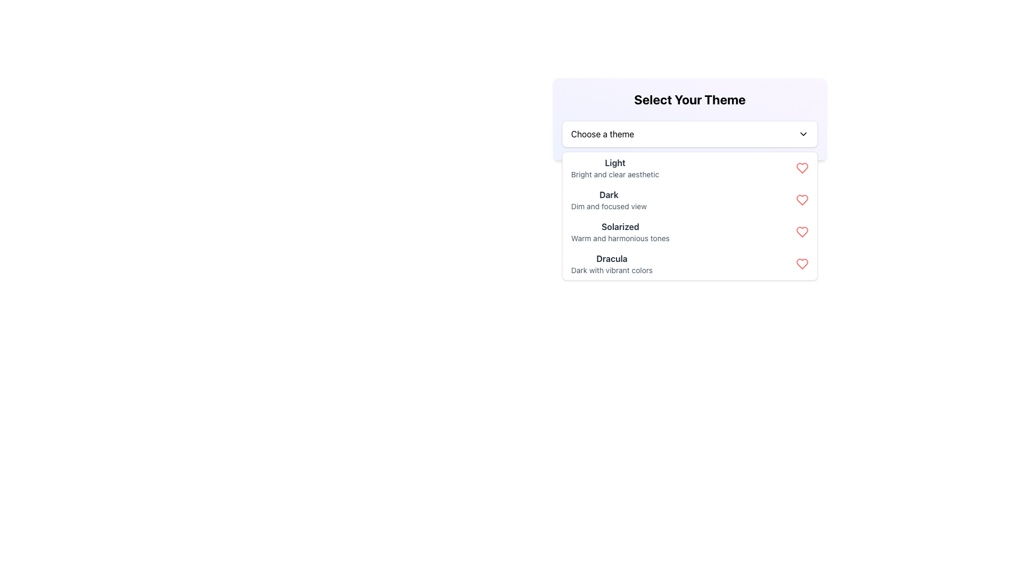 Image resolution: width=1023 pixels, height=575 pixels. Describe the element at coordinates (612, 264) in the screenshot. I see `the 'Dracula' theme list item, which is the third option in the dropdown menu labeled 'Select Your Theme'` at that location.